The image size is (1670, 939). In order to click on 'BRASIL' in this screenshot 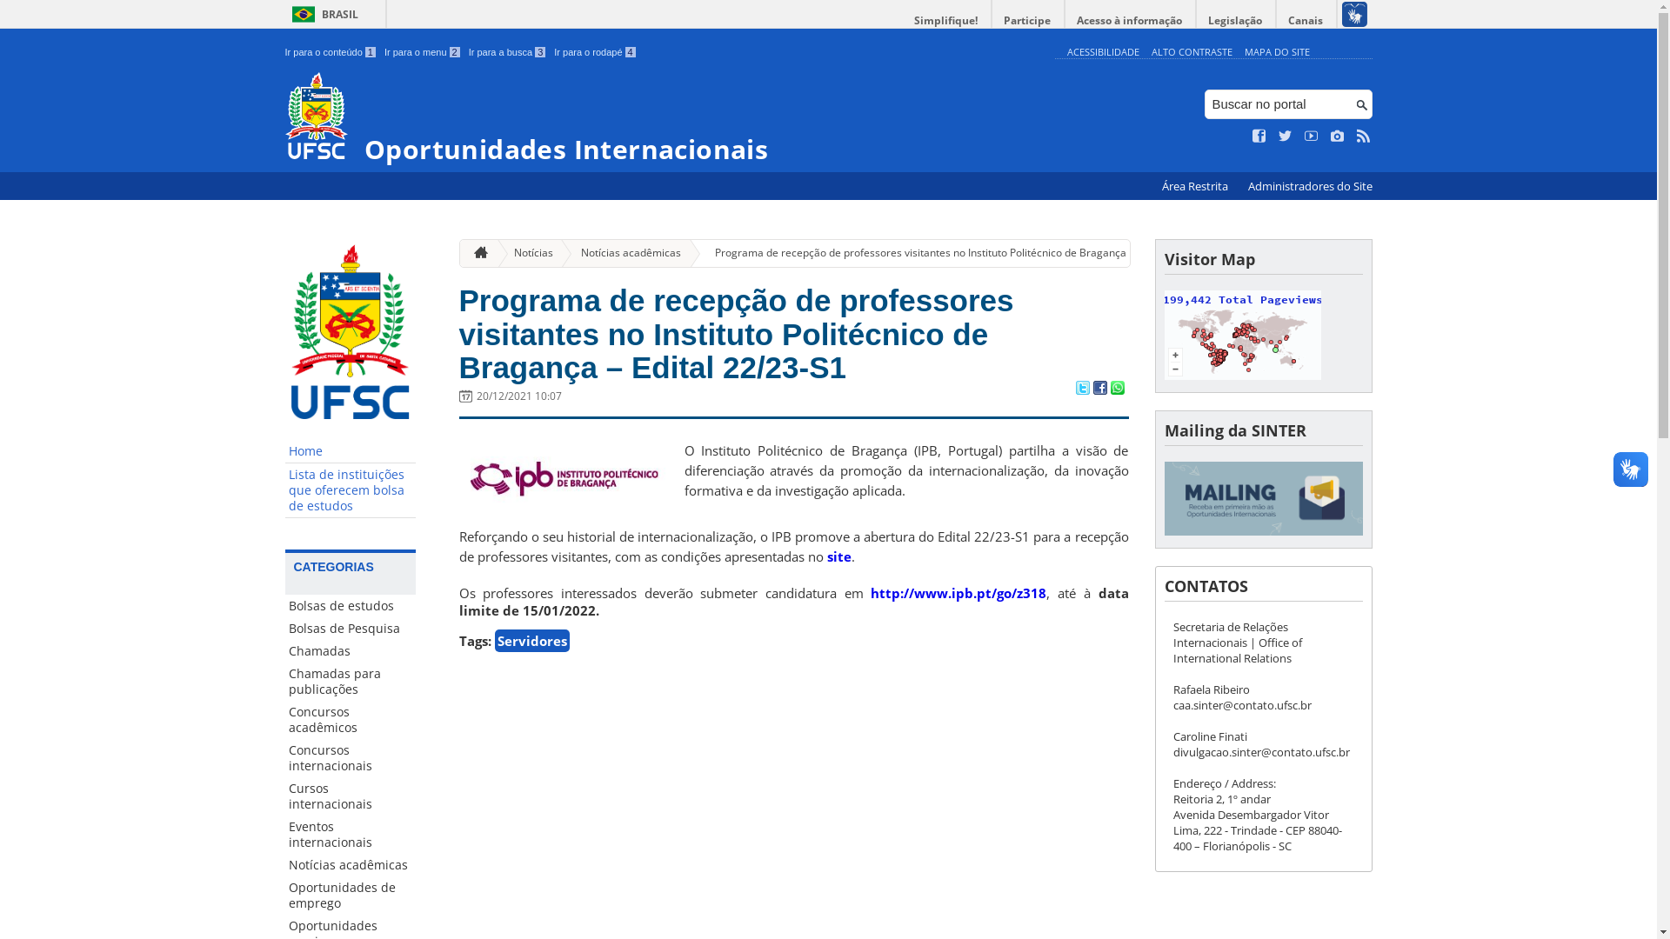, I will do `click(322, 14)`.